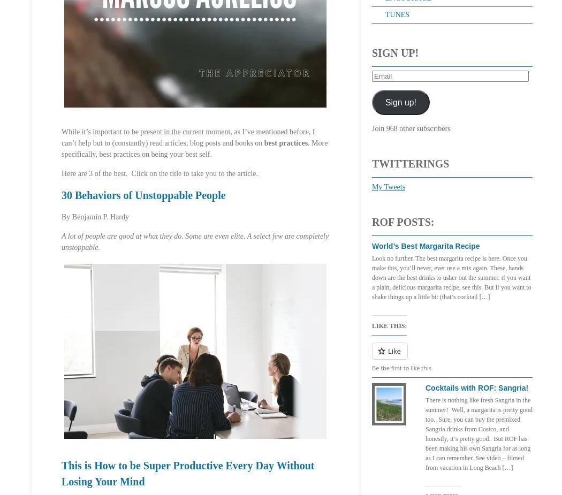  I want to click on 'ROF posts:', so click(371, 221).